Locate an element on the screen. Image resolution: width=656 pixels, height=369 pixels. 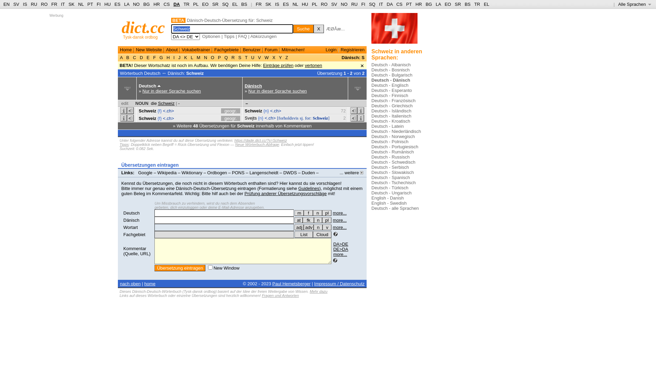
'Deutsch - Schwedisch' is located at coordinates (393, 162).